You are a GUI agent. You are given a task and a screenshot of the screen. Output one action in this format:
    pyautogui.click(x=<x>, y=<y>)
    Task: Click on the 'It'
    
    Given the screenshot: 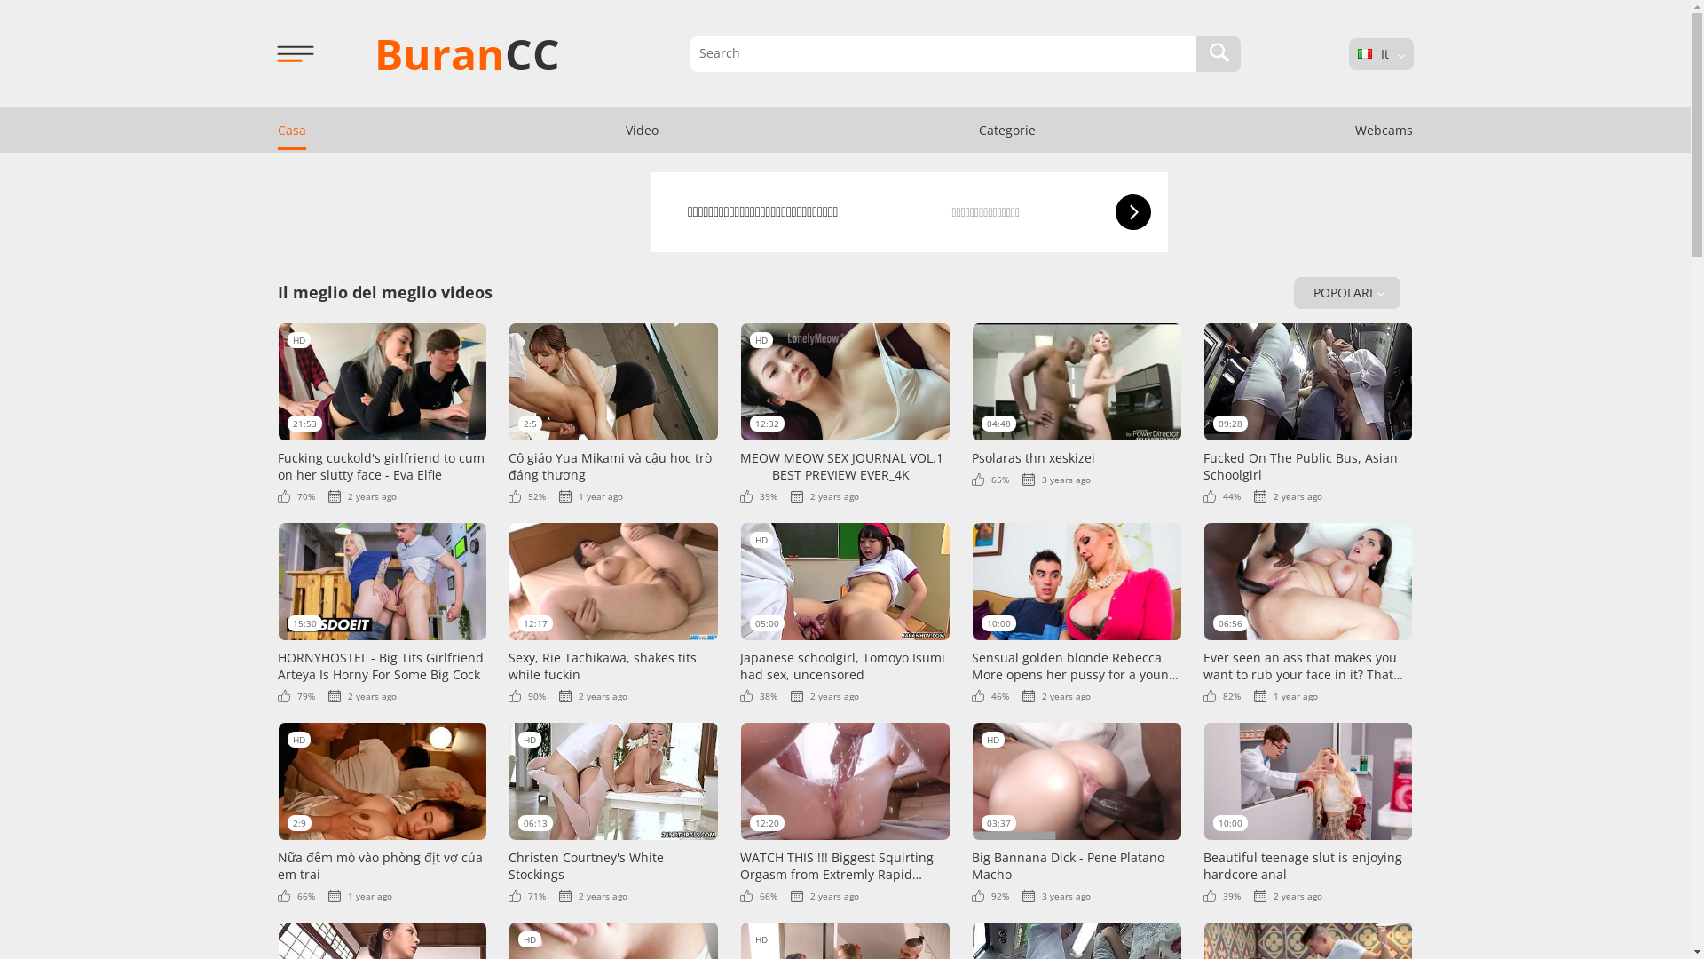 What is the action you would take?
    pyautogui.click(x=1363, y=52)
    